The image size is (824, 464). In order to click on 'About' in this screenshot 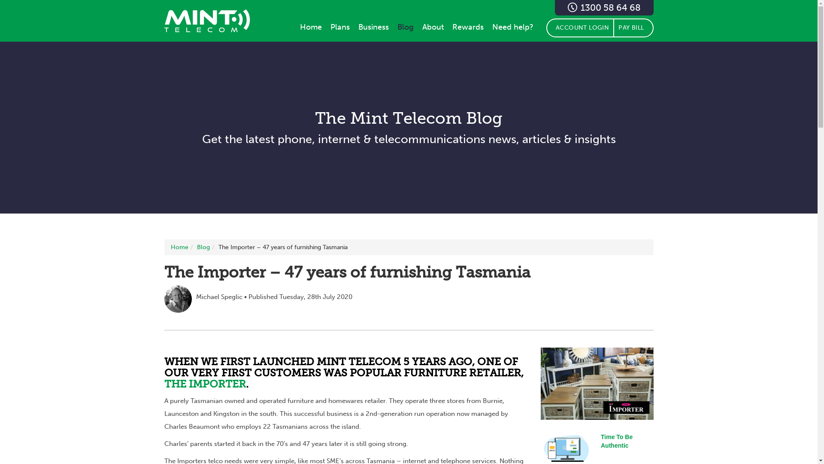, I will do `click(433, 26)`.